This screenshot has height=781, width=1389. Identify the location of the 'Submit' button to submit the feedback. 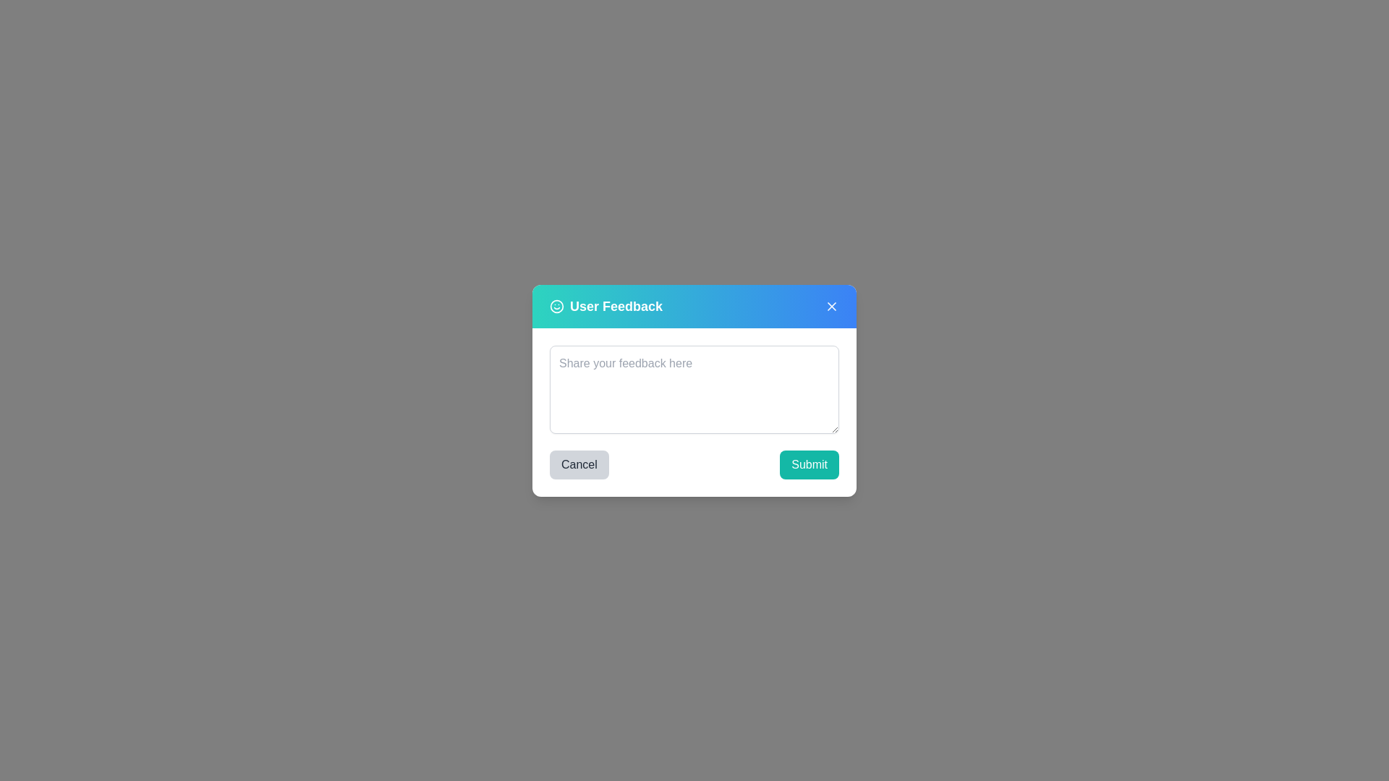
(808, 464).